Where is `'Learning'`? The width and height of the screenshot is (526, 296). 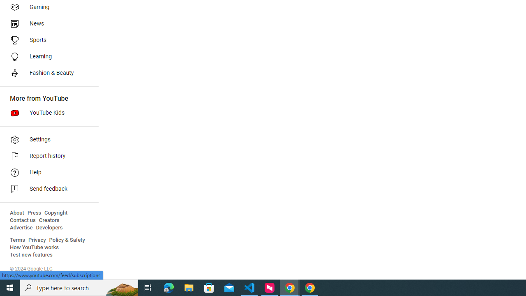
'Learning' is located at coordinates (46, 56).